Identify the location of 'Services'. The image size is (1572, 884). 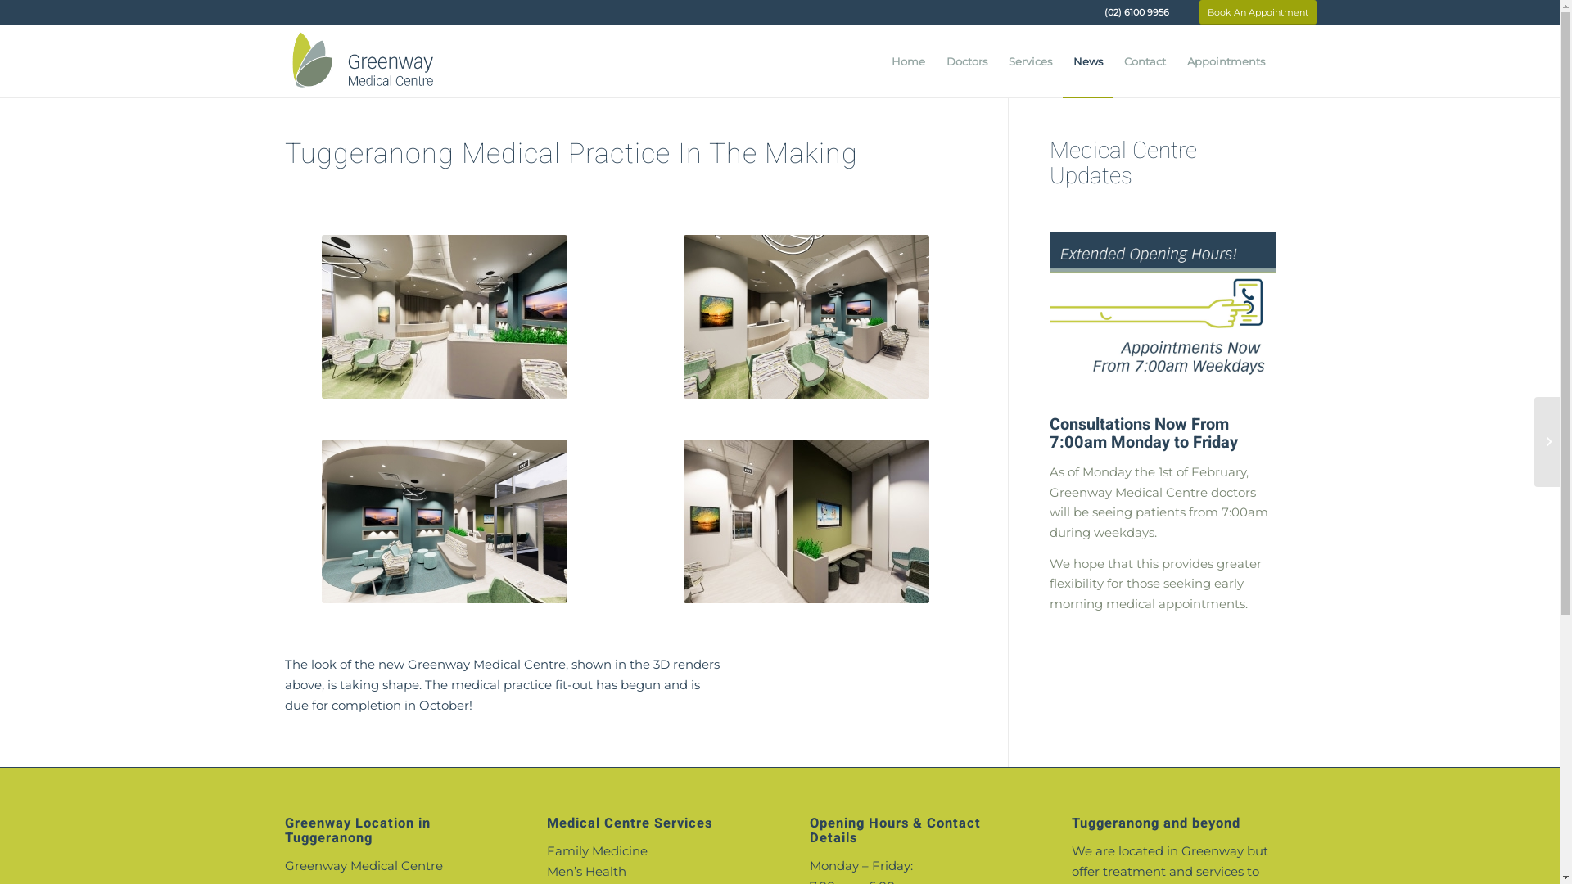
(1028, 60).